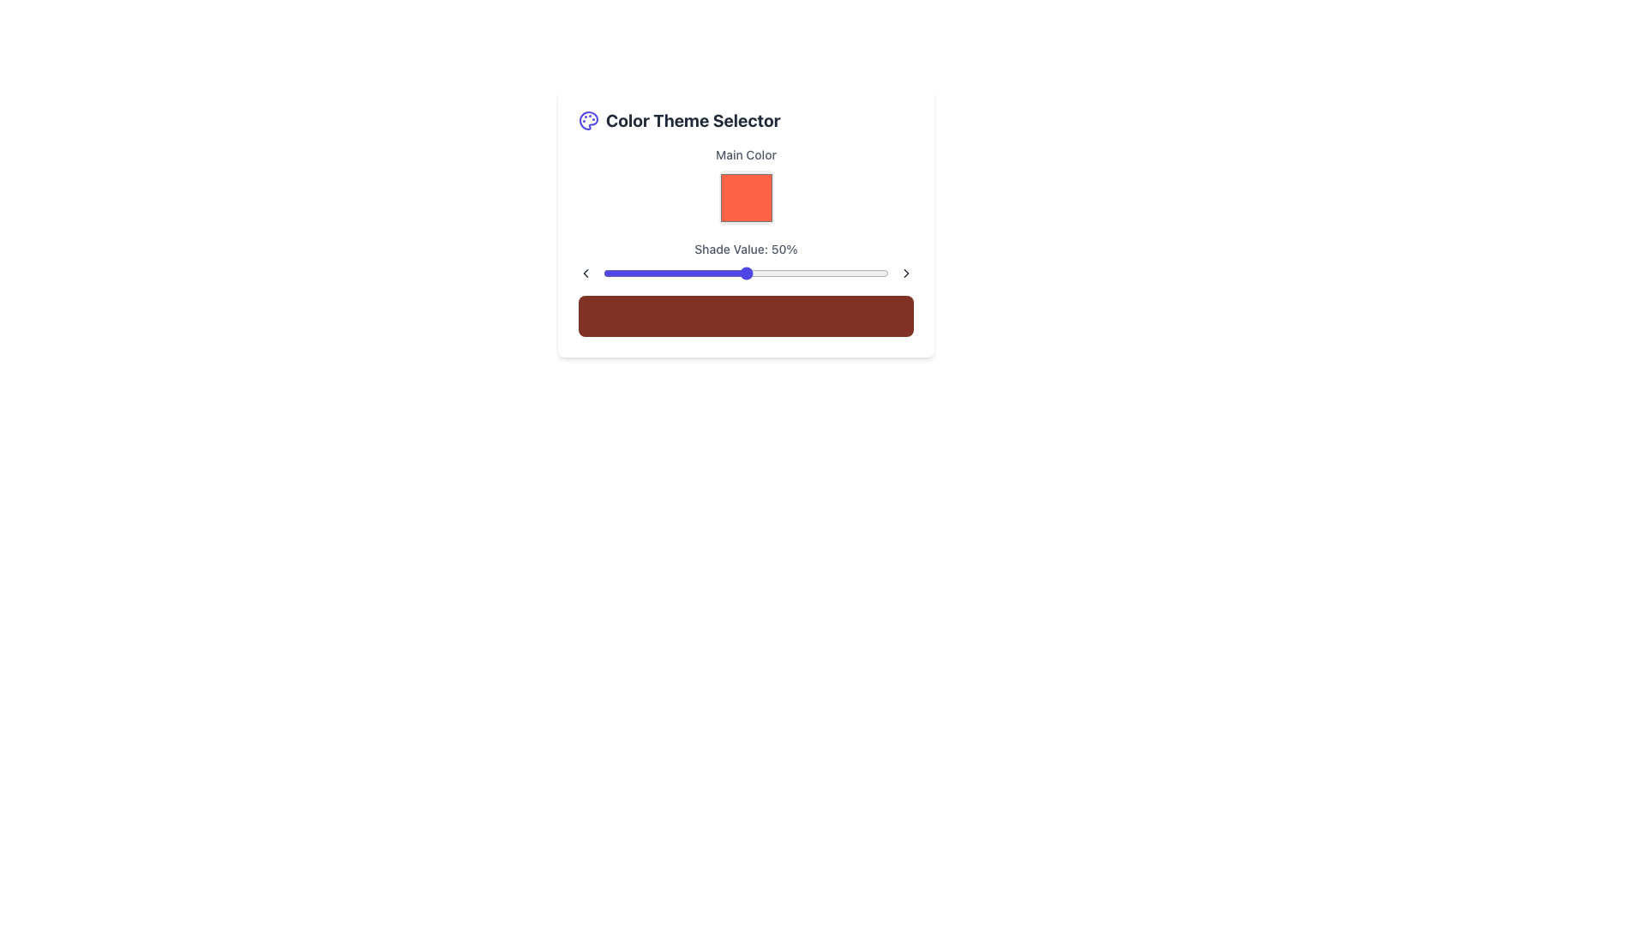 The image size is (1646, 926). I want to click on the shade value, so click(834, 273).